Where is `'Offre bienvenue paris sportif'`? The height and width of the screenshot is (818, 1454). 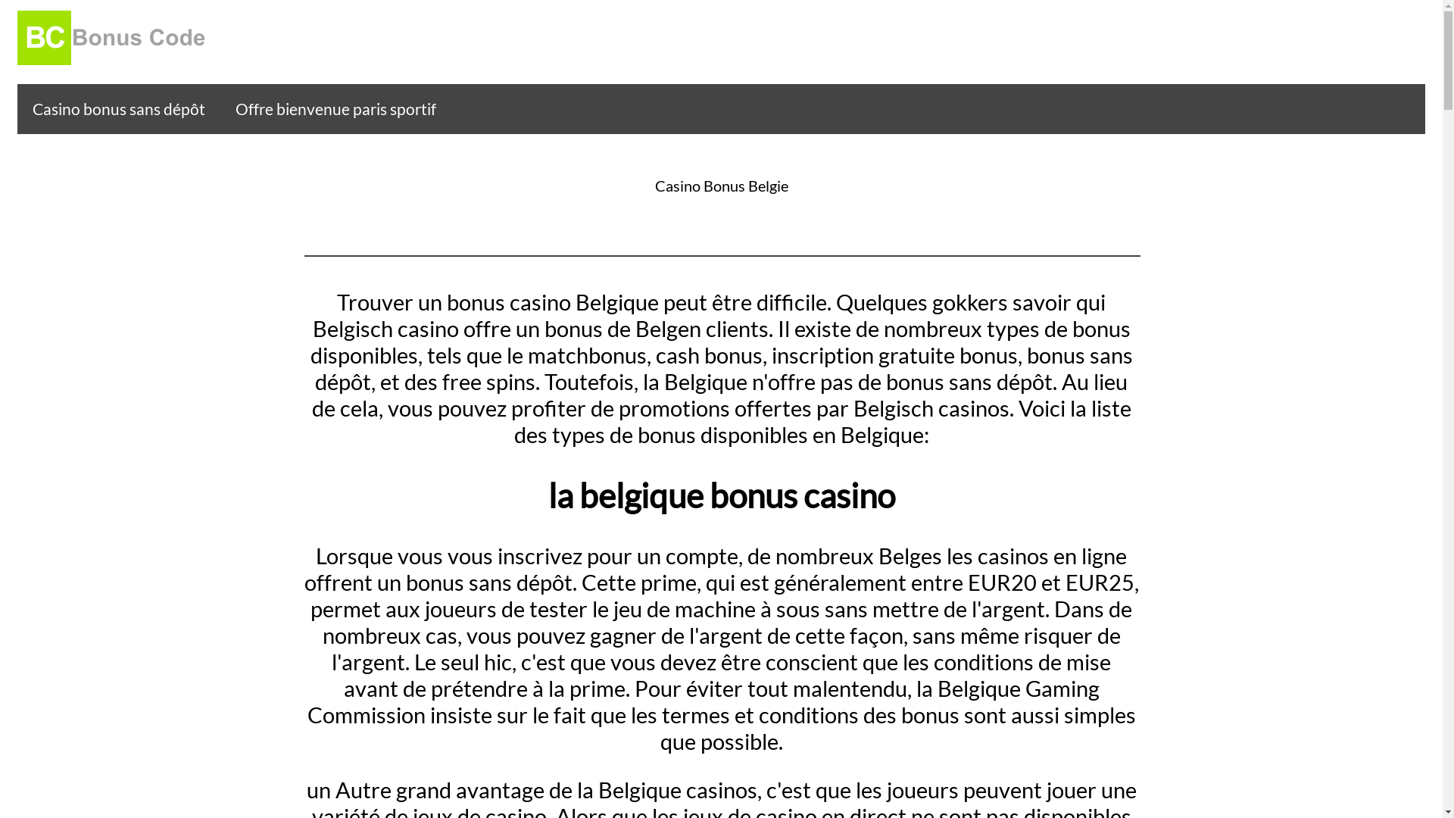 'Offre bienvenue paris sportif' is located at coordinates (335, 108).